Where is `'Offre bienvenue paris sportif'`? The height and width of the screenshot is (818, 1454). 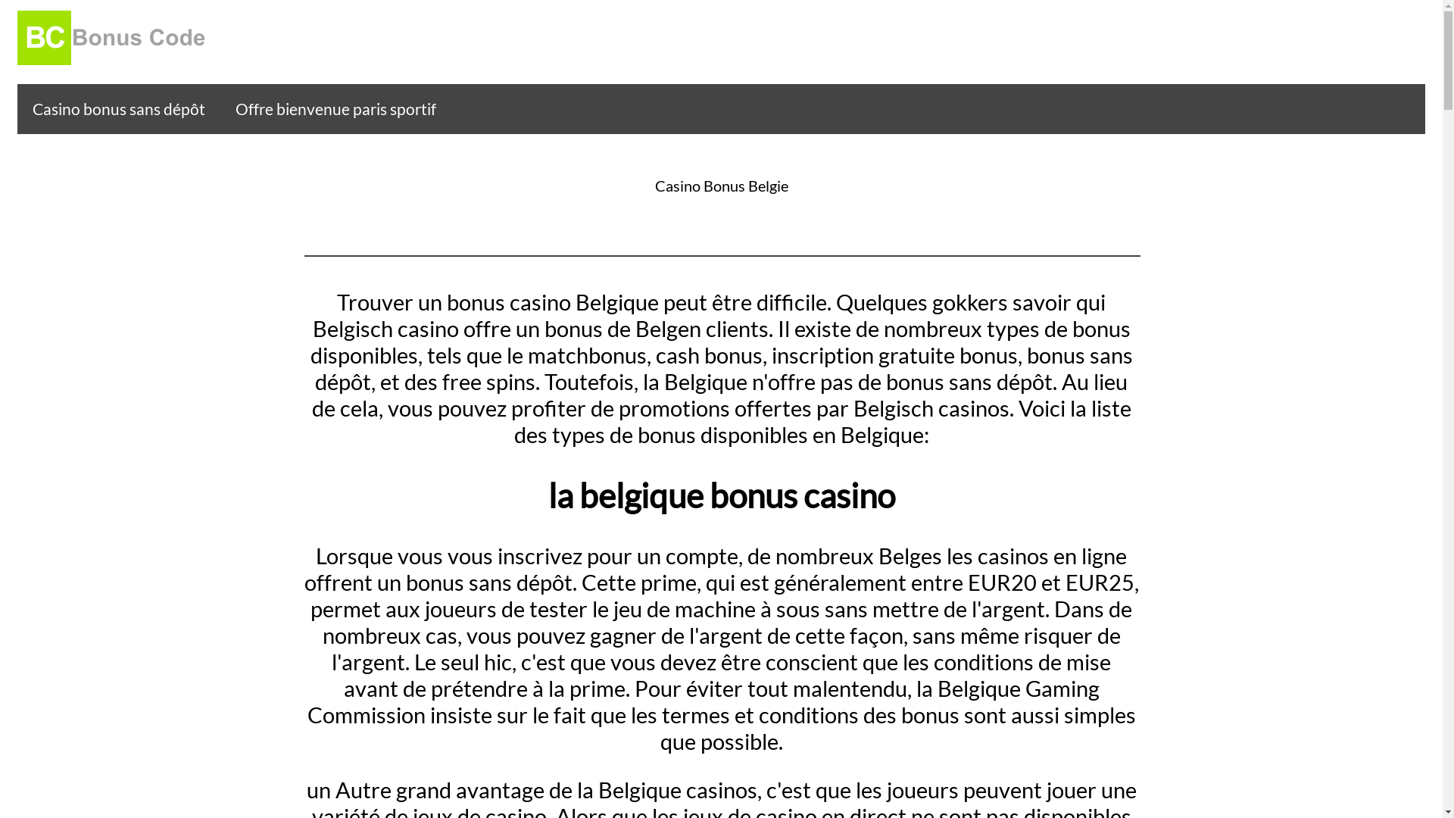 'Offre bienvenue paris sportif' is located at coordinates (335, 108).